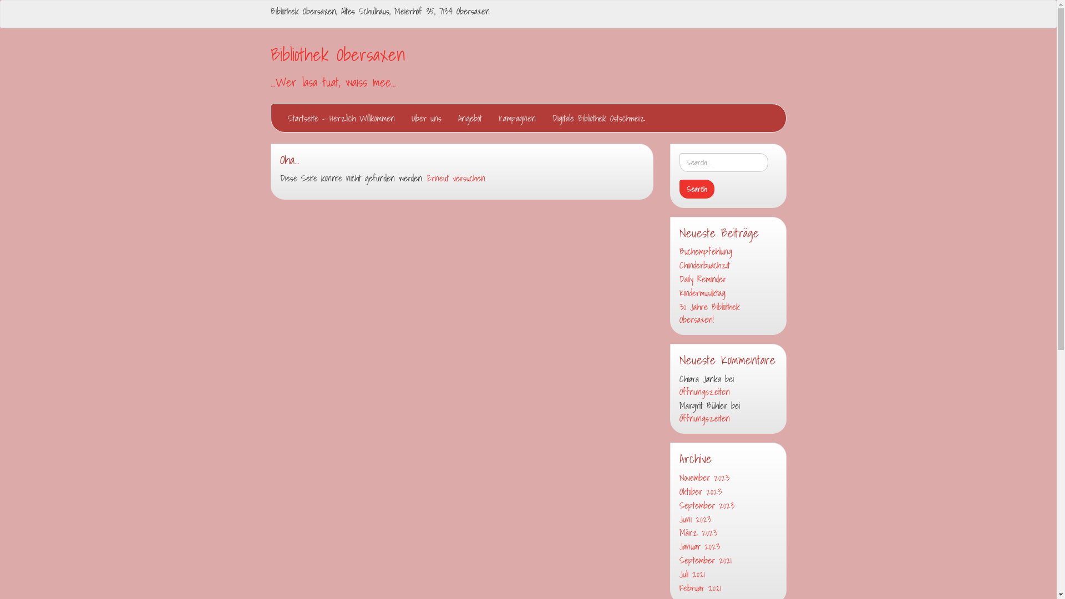  What do you see at coordinates (426, 177) in the screenshot?
I see `'Erneut versuchen.'` at bounding box center [426, 177].